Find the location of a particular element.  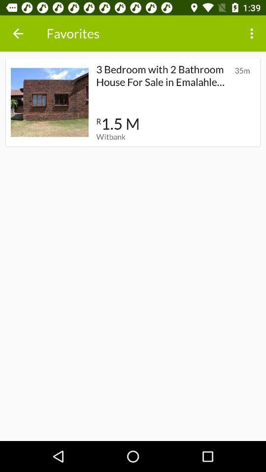

item next to favorites item is located at coordinates (18, 33).